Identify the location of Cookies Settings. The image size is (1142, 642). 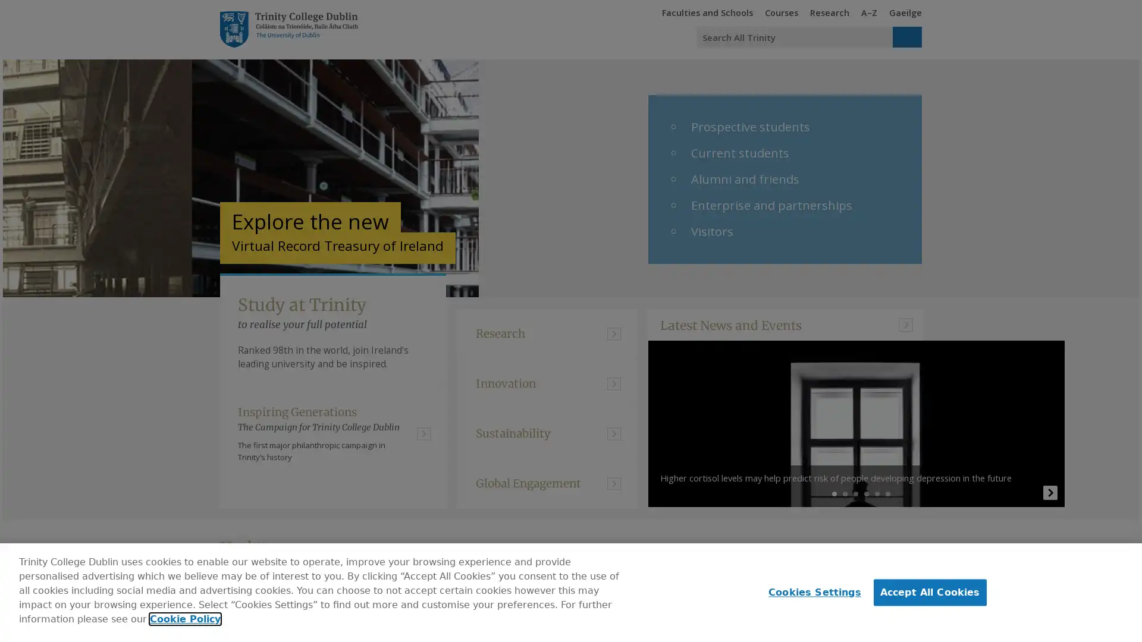
(811, 592).